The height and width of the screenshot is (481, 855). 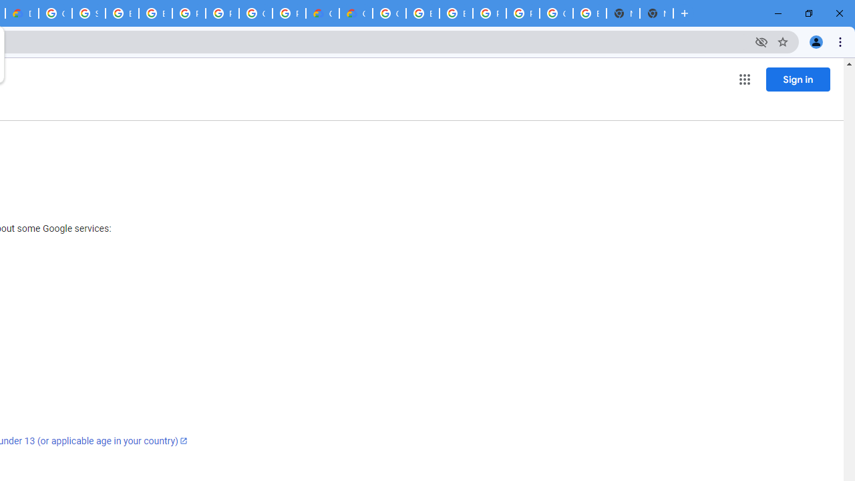 What do you see at coordinates (657, 13) in the screenshot?
I see `'New Tab'` at bounding box center [657, 13].